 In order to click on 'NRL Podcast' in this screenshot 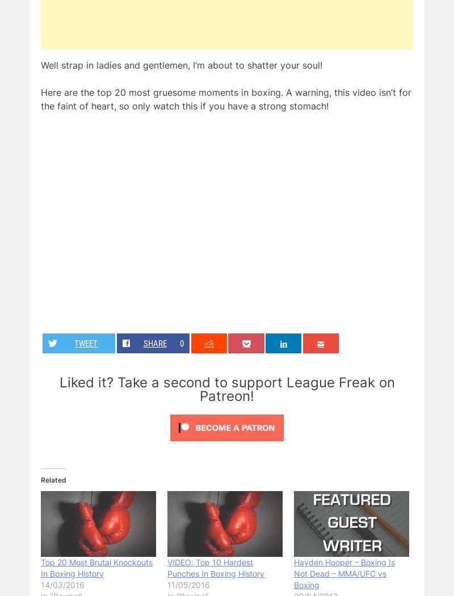, I will do `click(268, 451)`.